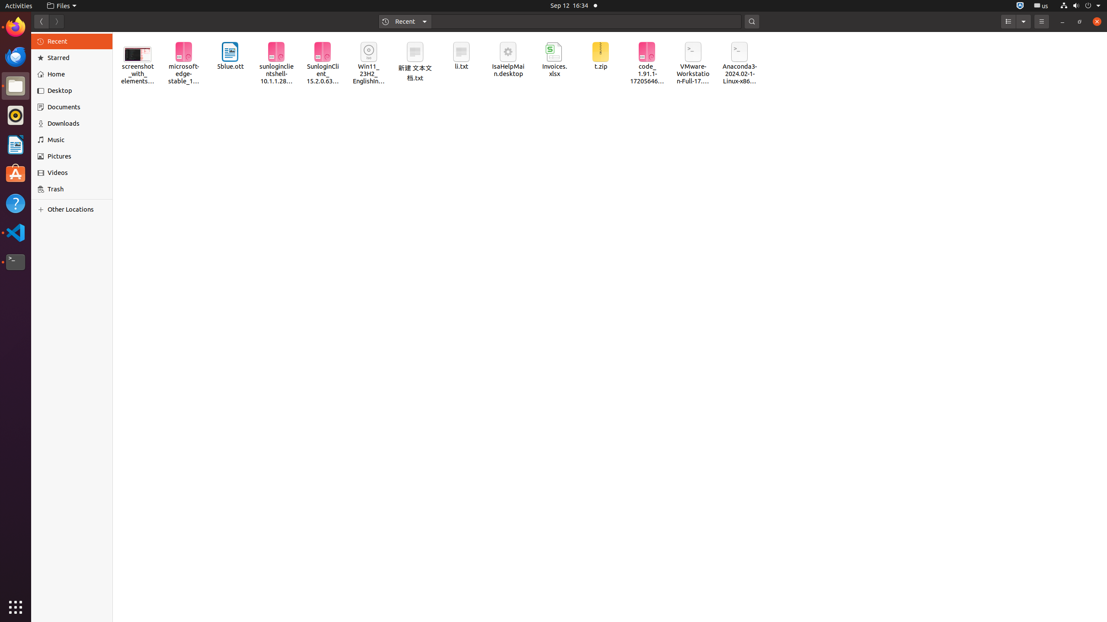  I want to click on 'screenshot_with_elements.png', so click(137, 60).